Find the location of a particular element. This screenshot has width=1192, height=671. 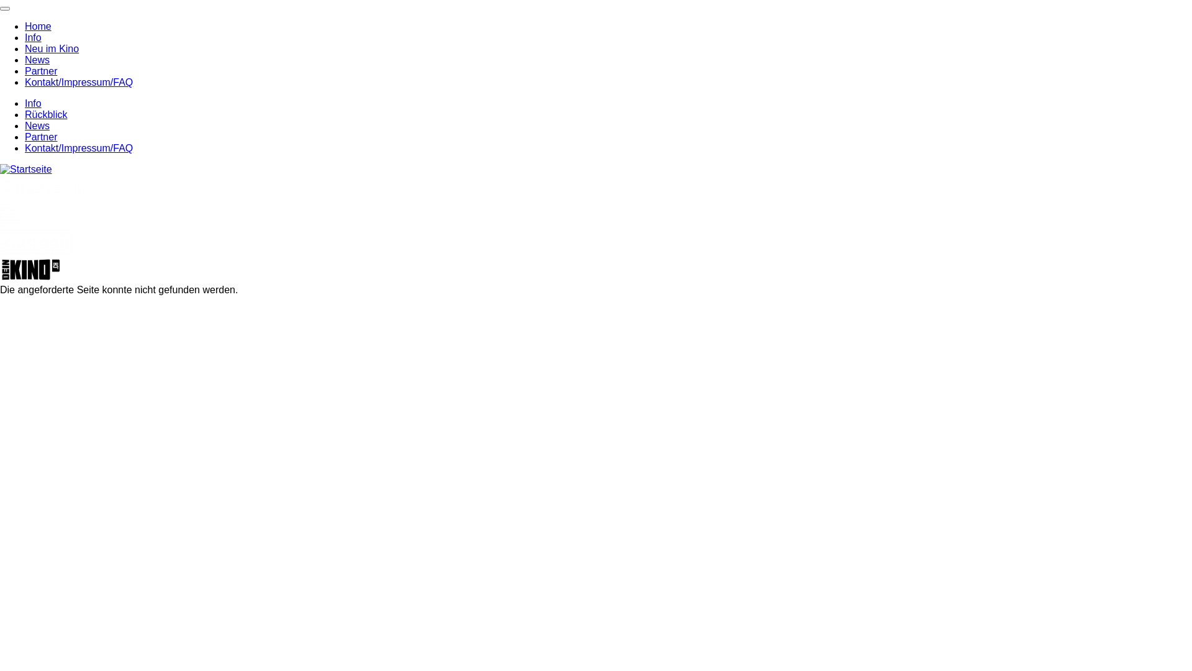

'Direkt zum Inhalt' is located at coordinates (0, 0).